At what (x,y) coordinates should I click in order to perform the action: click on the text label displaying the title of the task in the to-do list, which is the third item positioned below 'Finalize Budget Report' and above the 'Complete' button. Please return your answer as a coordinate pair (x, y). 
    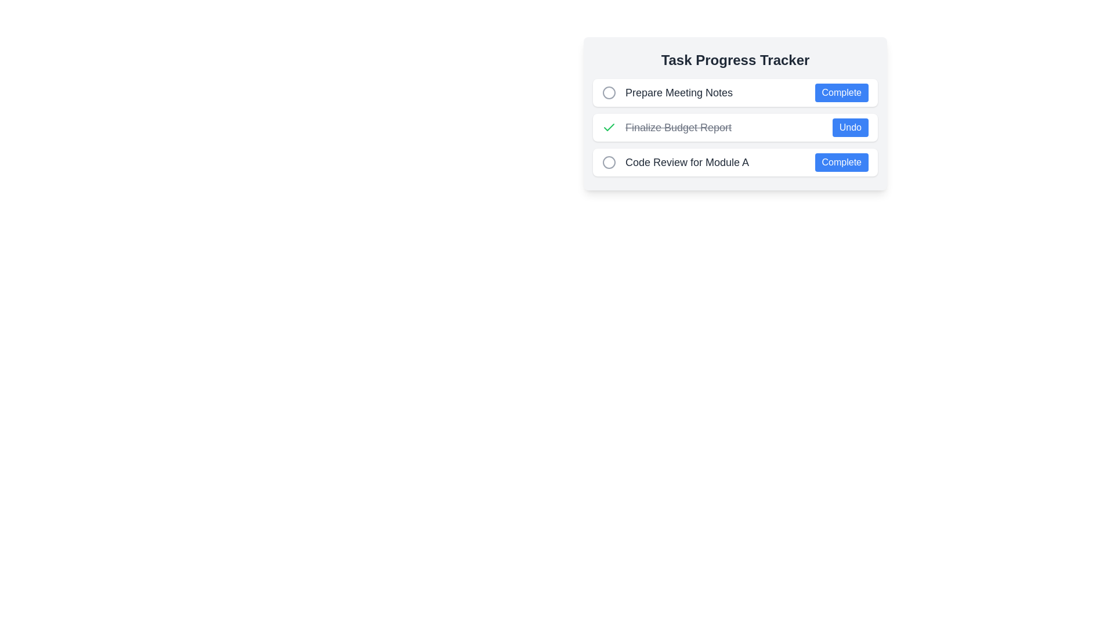
    Looking at the image, I should click on (675, 163).